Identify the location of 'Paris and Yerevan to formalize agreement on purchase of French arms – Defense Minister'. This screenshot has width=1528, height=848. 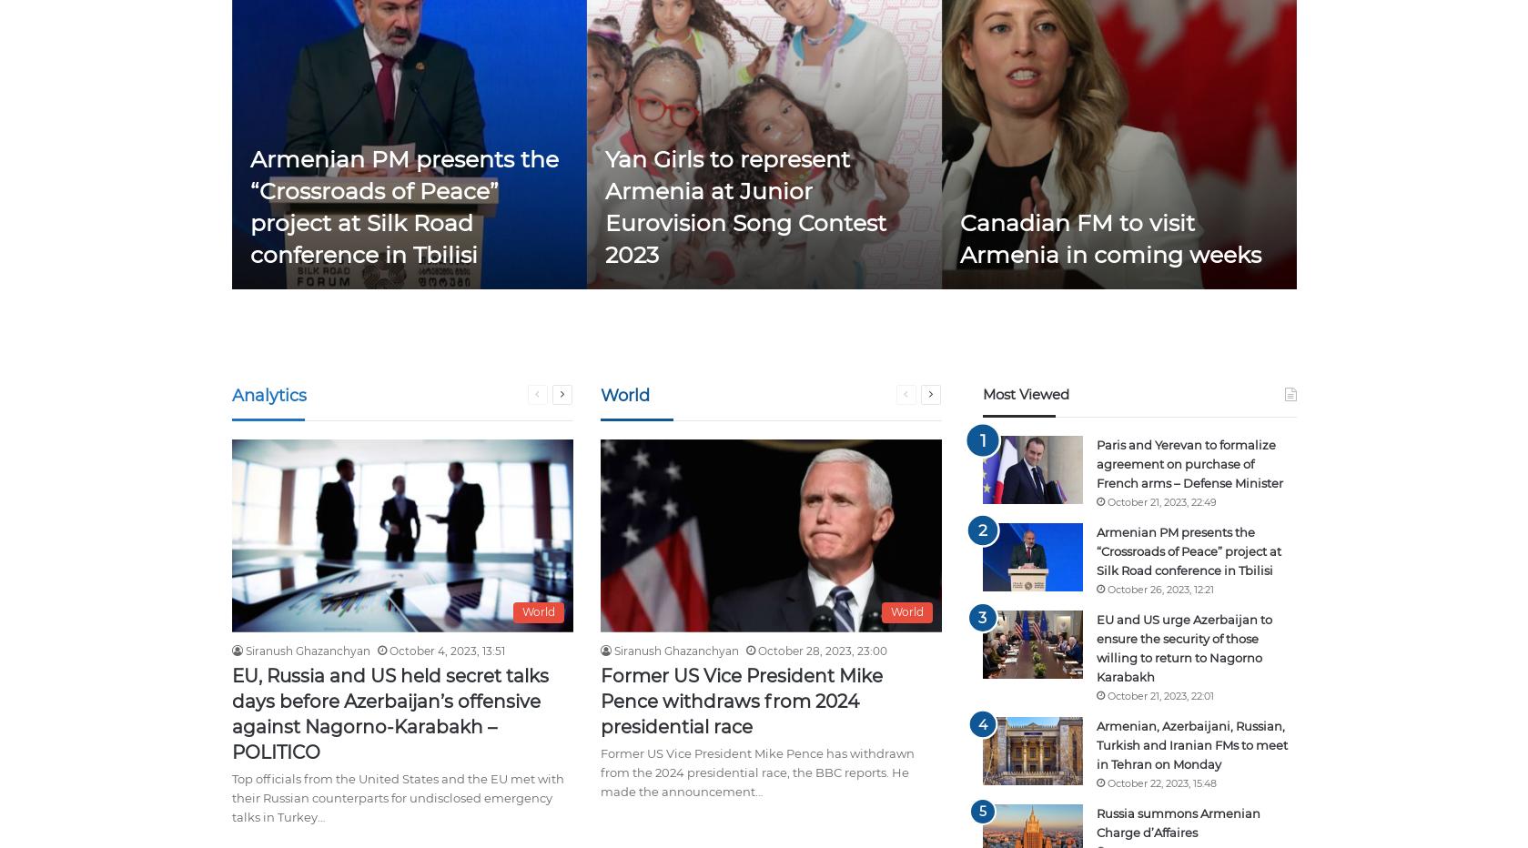
(1188, 461).